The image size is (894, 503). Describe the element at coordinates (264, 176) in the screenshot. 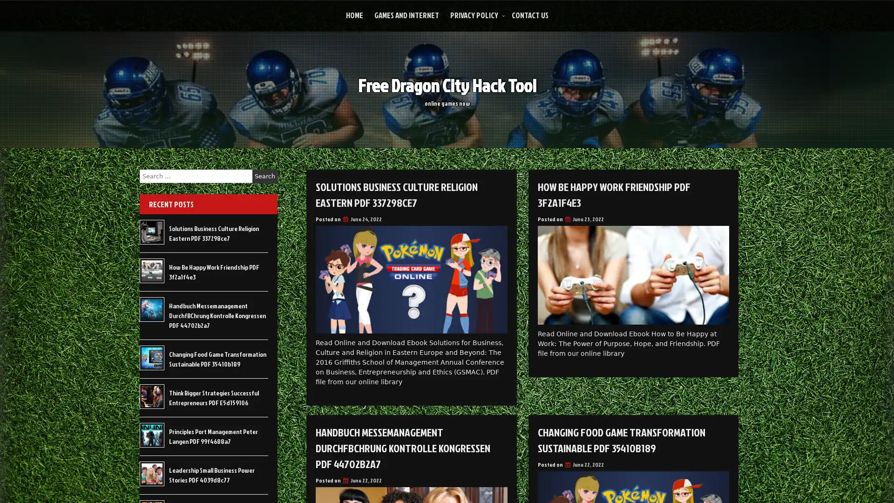

I see `Search` at that location.